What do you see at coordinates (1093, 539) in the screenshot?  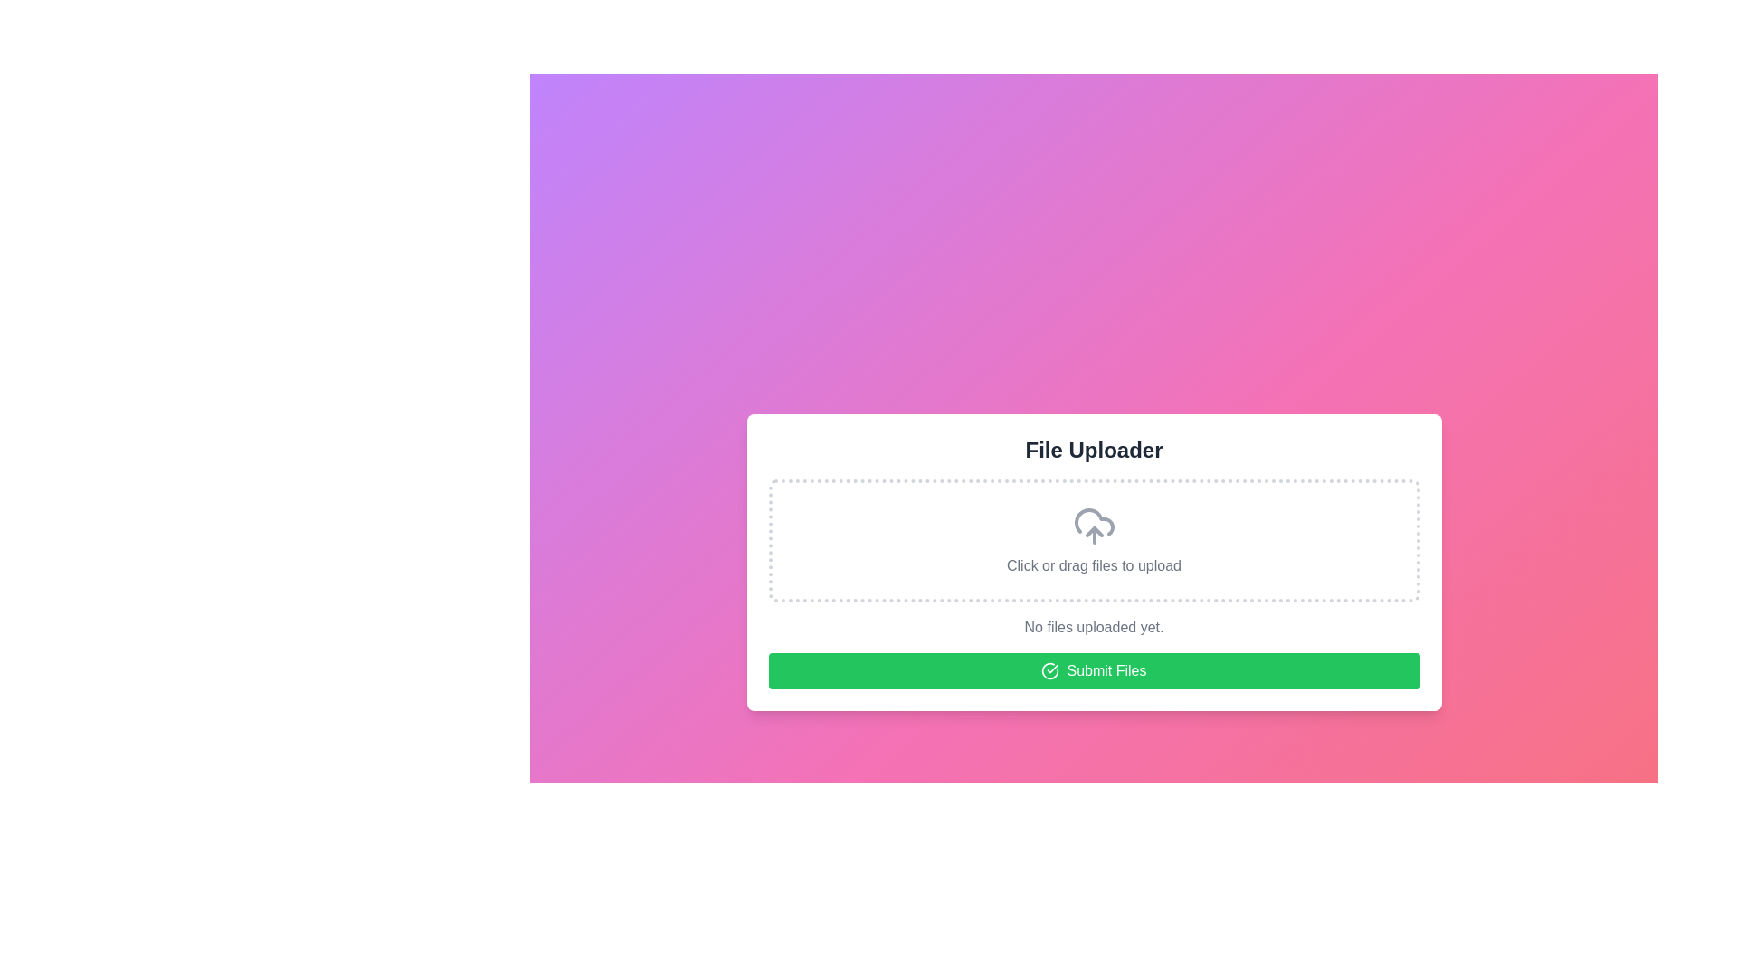 I see `and drop files` at bounding box center [1093, 539].